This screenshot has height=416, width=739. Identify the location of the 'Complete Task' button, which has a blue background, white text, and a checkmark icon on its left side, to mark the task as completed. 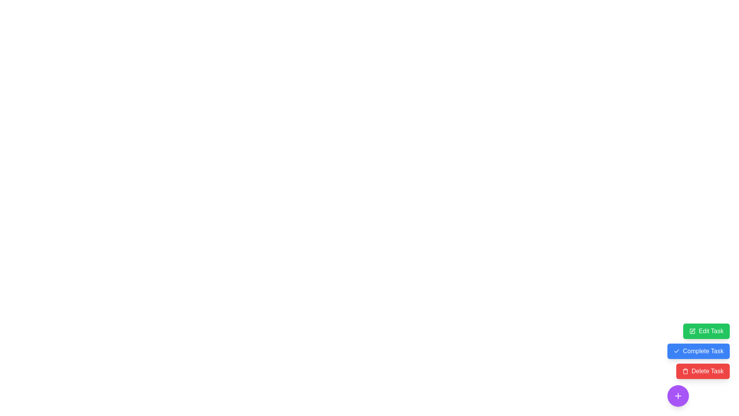
(699, 351).